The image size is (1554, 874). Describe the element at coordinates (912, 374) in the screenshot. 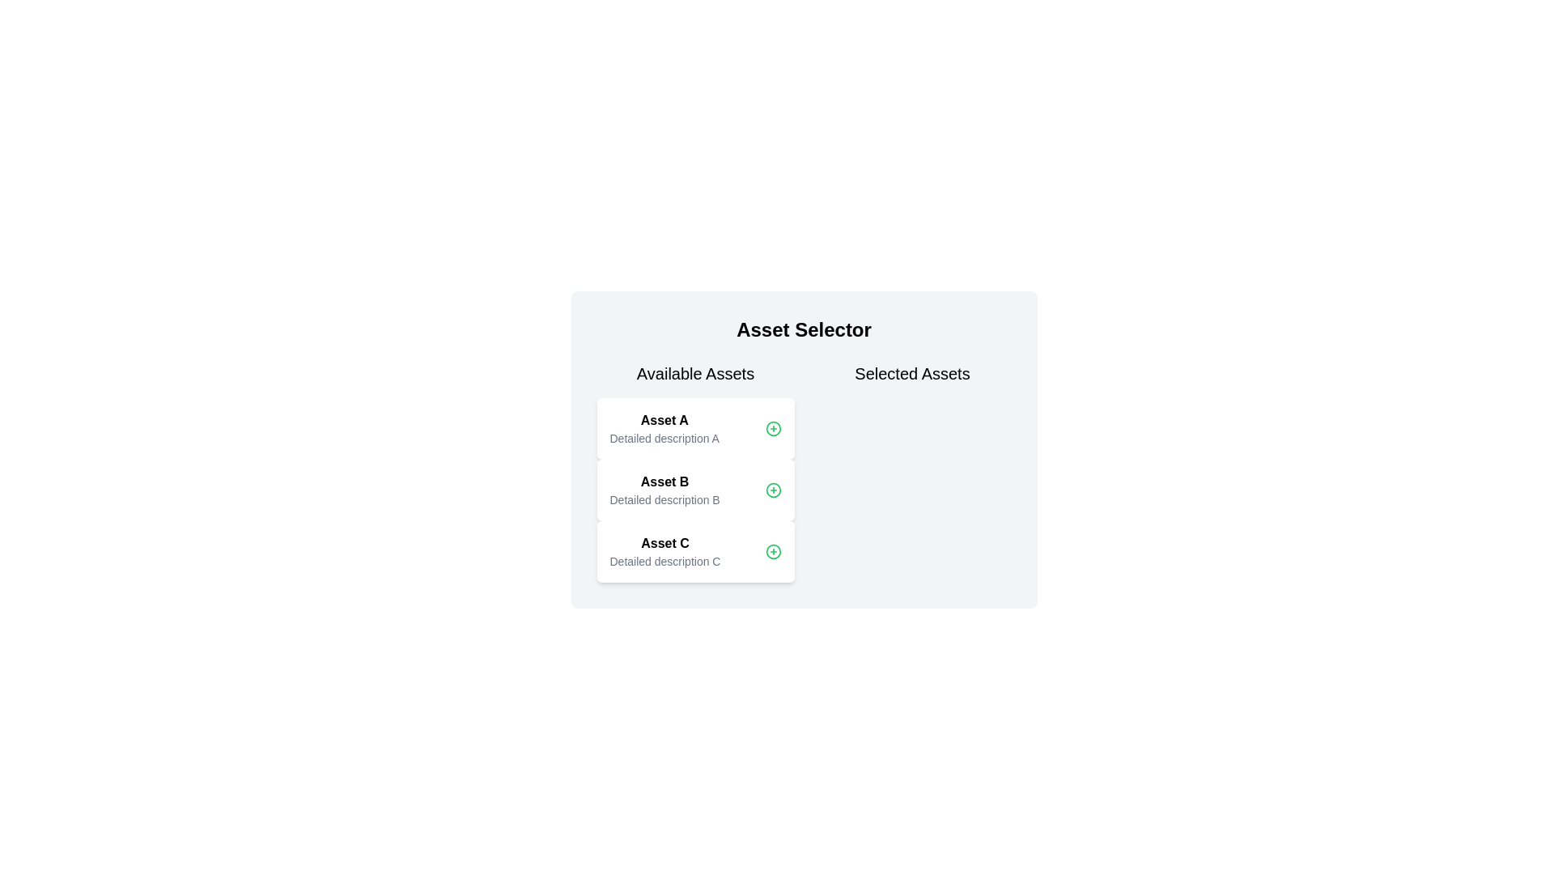

I see `the Text Label indicating the section for selected assets located near the top-right of the 'Asset Selector', to the right of 'Available Assets'` at that location.